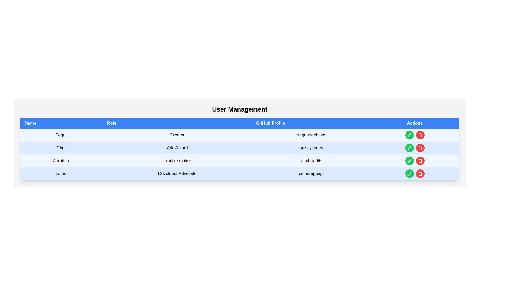  Describe the element at coordinates (177, 173) in the screenshot. I see `the text cell displaying 'Developer Advocate' in the second column of the last row of the table` at that location.